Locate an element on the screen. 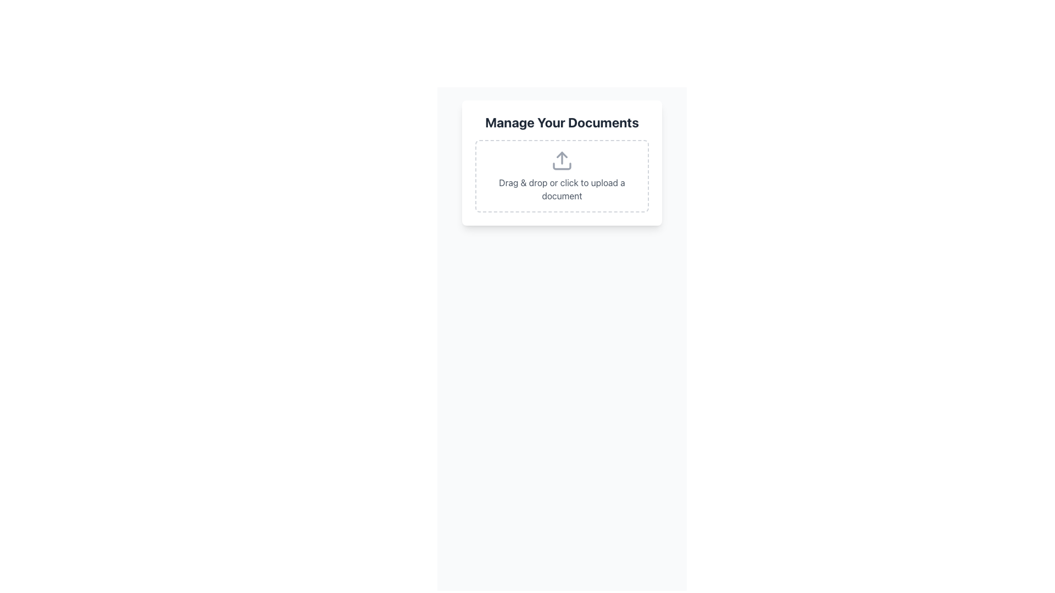 The image size is (1055, 593). the text element displaying the message 'Drag & drop or click to upload a document', which is styled with a gray font and located within a bordered dashed box below an upload icon is located at coordinates (562, 188).